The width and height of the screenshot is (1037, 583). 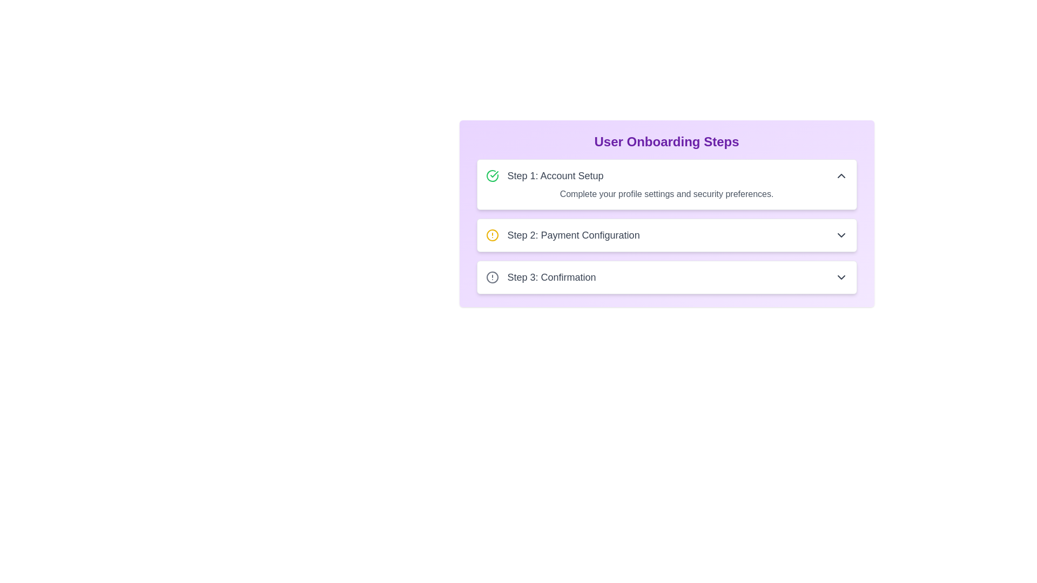 I want to click on the text label indicating the current step of the onboarding process, located near the top of the 'User Onboarding Steps' box, so click(x=555, y=175).